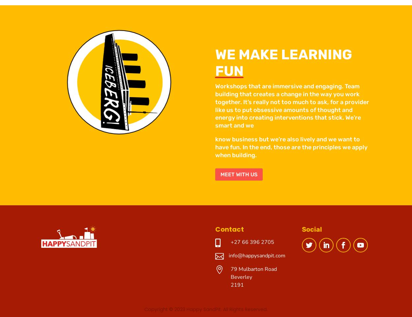 The image size is (412, 317). What do you see at coordinates (215, 71) in the screenshot?
I see `'FUN'` at bounding box center [215, 71].